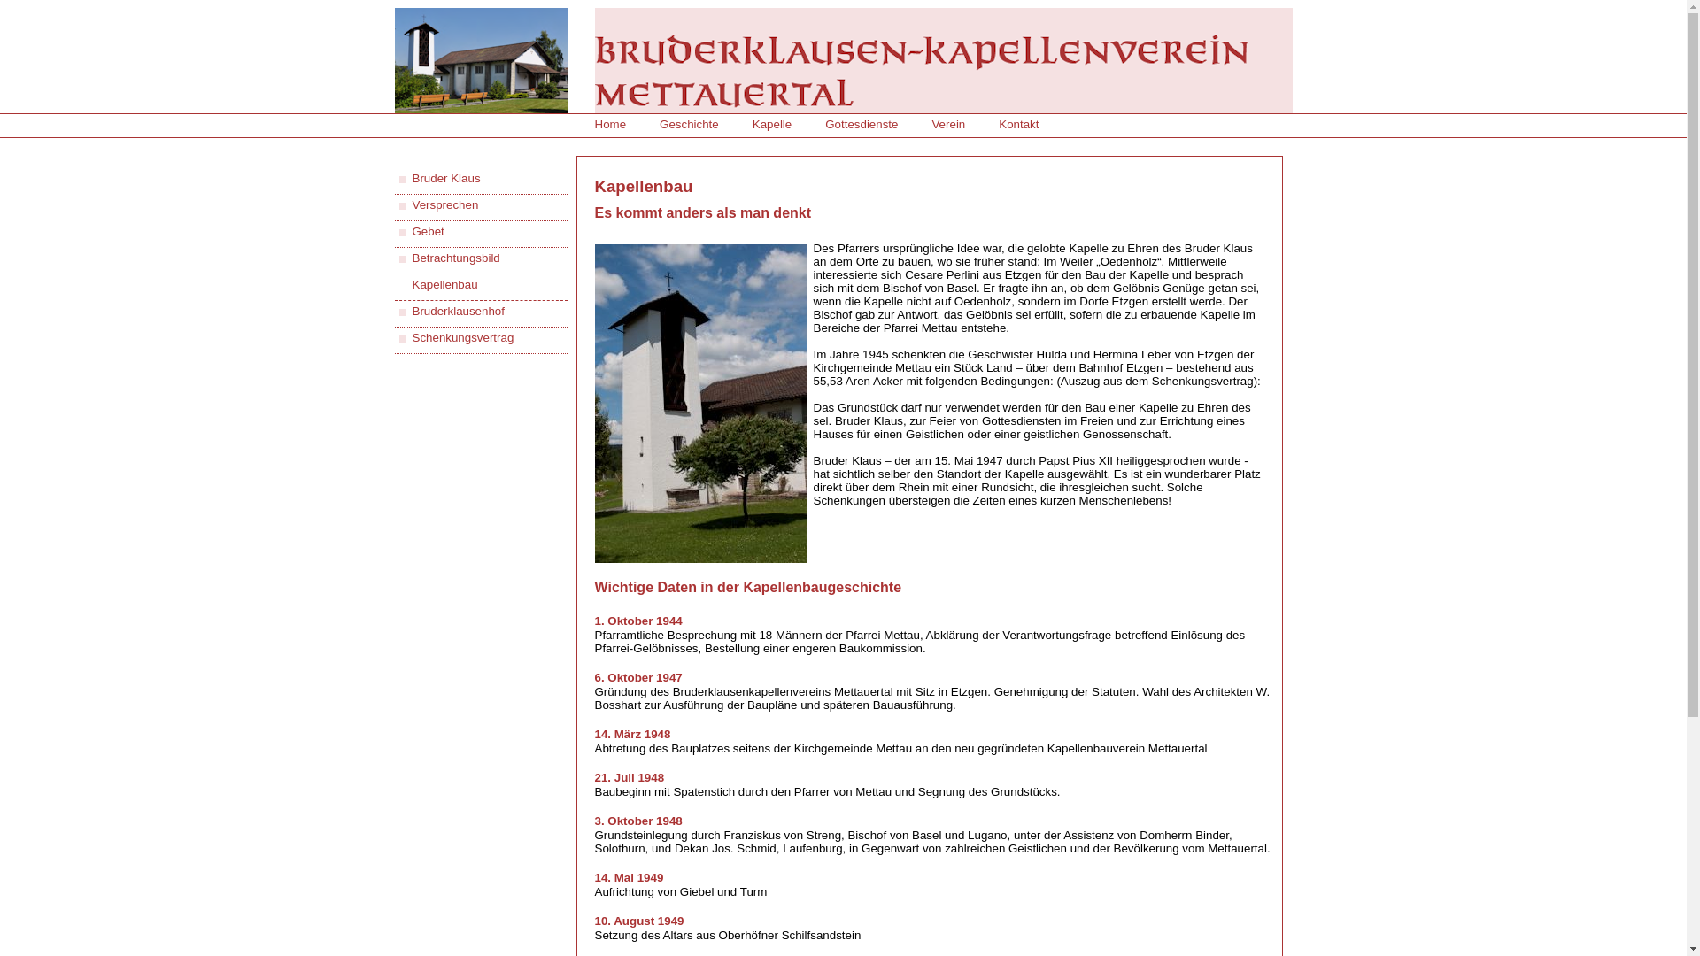 This screenshot has width=1700, height=956. Describe the element at coordinates (688, 123) in the screenshot. I see `'Geschichte'` at that location.